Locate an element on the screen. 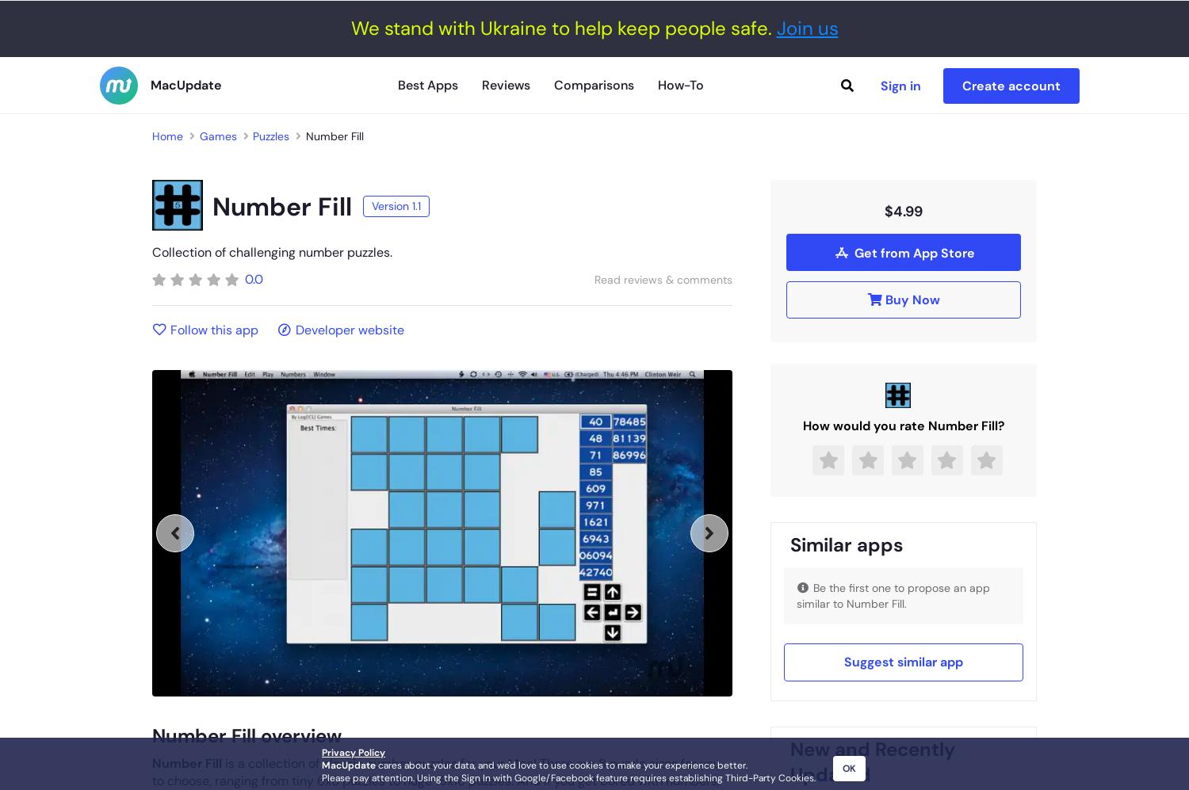  'Please pay attention. Using the Sign In with Google/Facebook feature requires establishing Third-Party Cookies.' is located at coordinates (322, 777).